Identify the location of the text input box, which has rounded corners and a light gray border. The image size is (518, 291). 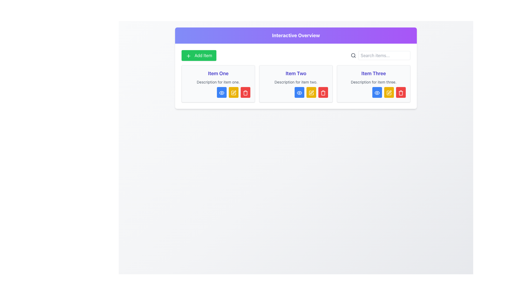
(384, 55).